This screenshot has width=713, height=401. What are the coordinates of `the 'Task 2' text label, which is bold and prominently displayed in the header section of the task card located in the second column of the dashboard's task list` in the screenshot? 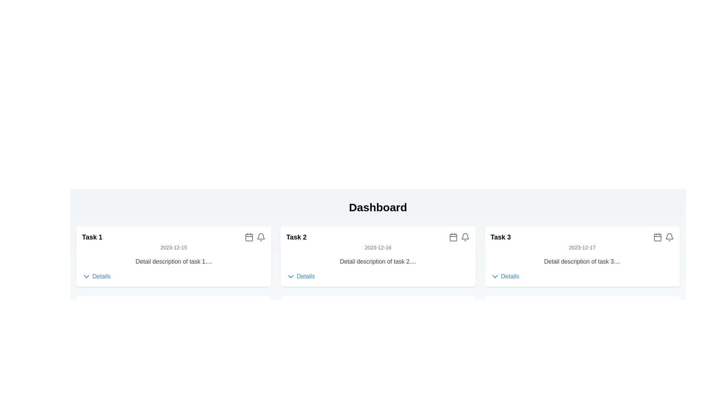 It's located at (296, 237).